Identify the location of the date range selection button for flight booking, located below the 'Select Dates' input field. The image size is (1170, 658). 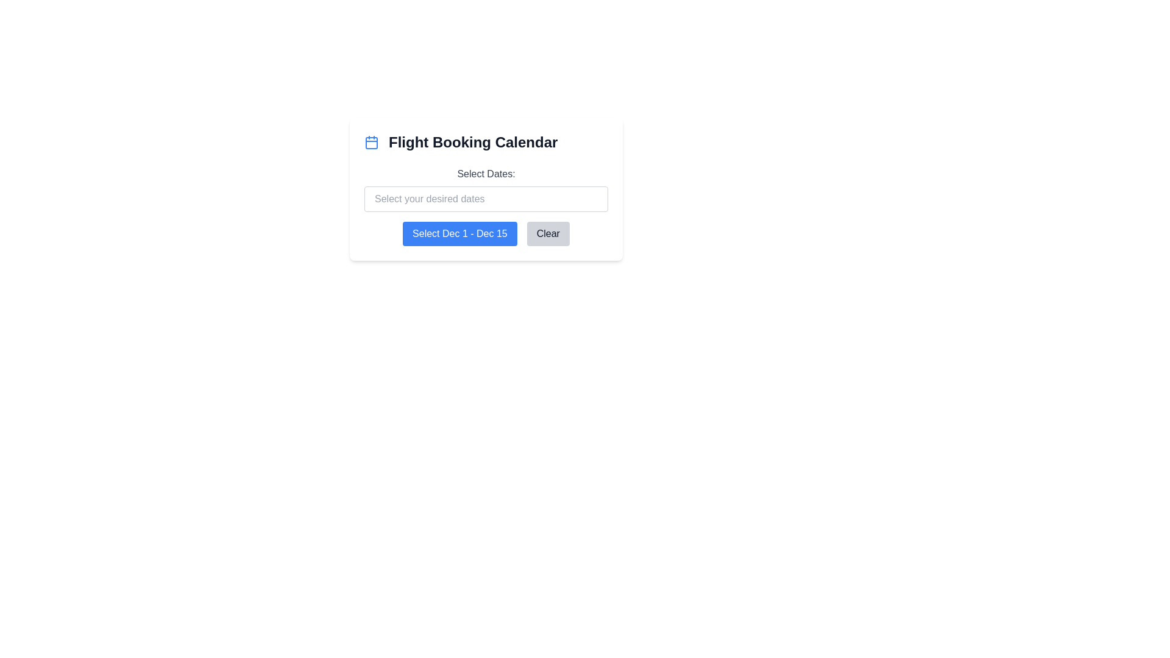
(459, 234).